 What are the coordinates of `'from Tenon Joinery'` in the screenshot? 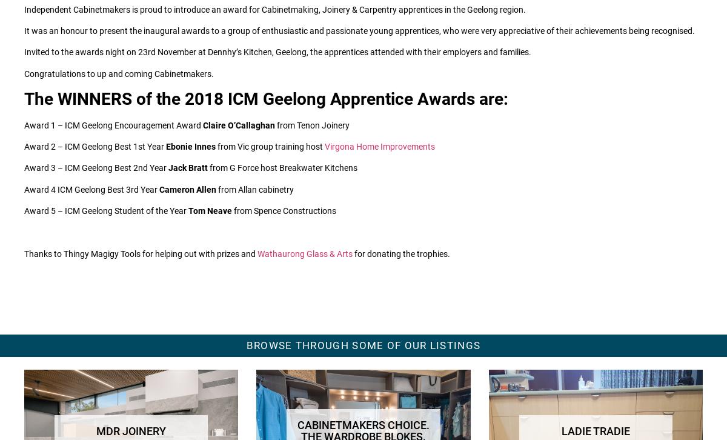 It's located at (274, 124).